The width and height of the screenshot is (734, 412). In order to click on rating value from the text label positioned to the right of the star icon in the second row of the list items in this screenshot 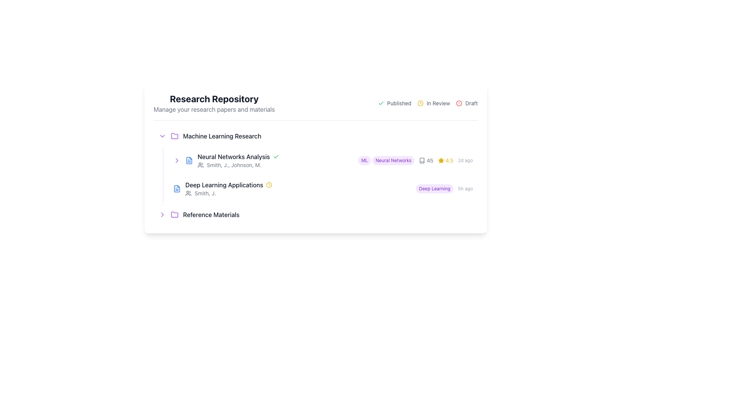, I will do `click(449, 160)`.